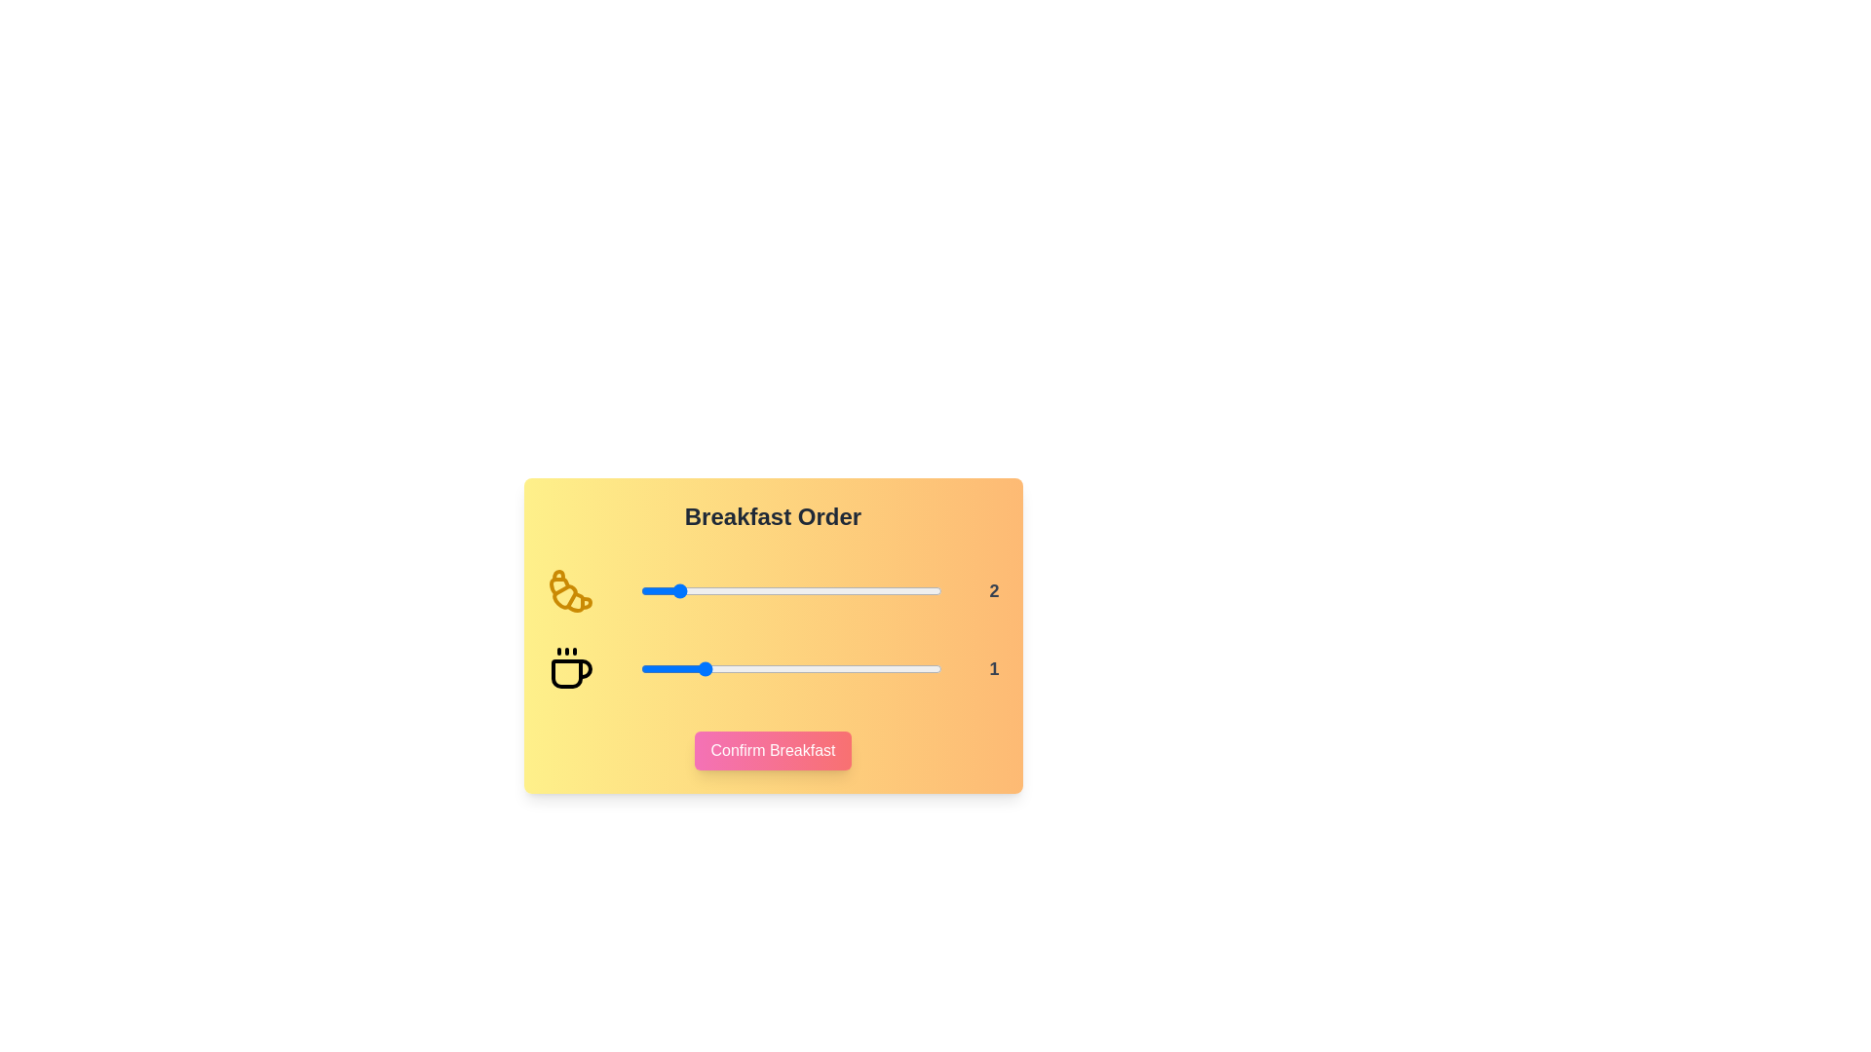 This screenshot has height=1052, width=1871. I want to click on the coffee quantity to 2 using the slider, so click(760, 667).